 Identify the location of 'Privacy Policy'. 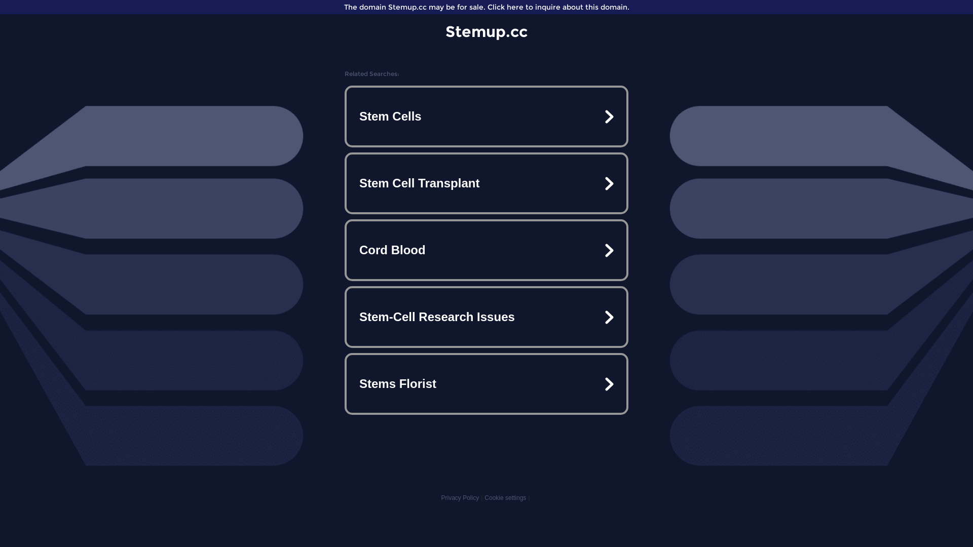
(459, 497).